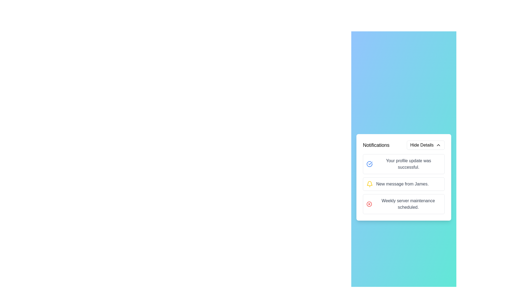  Describe the element at coordinates (369, 183) in the screenshot. I see `the bell icon that indicates active notifications, located at the top-right corner of the notification panel` at that location.